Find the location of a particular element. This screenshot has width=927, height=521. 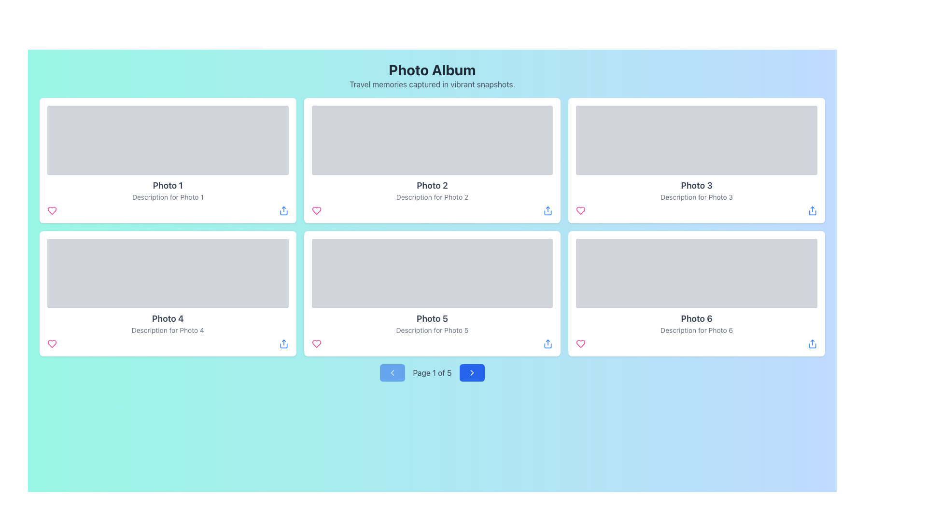

the blue rectangular button with rounded corners and a white right-facing chevron icon is located at coordinates (472, 372).